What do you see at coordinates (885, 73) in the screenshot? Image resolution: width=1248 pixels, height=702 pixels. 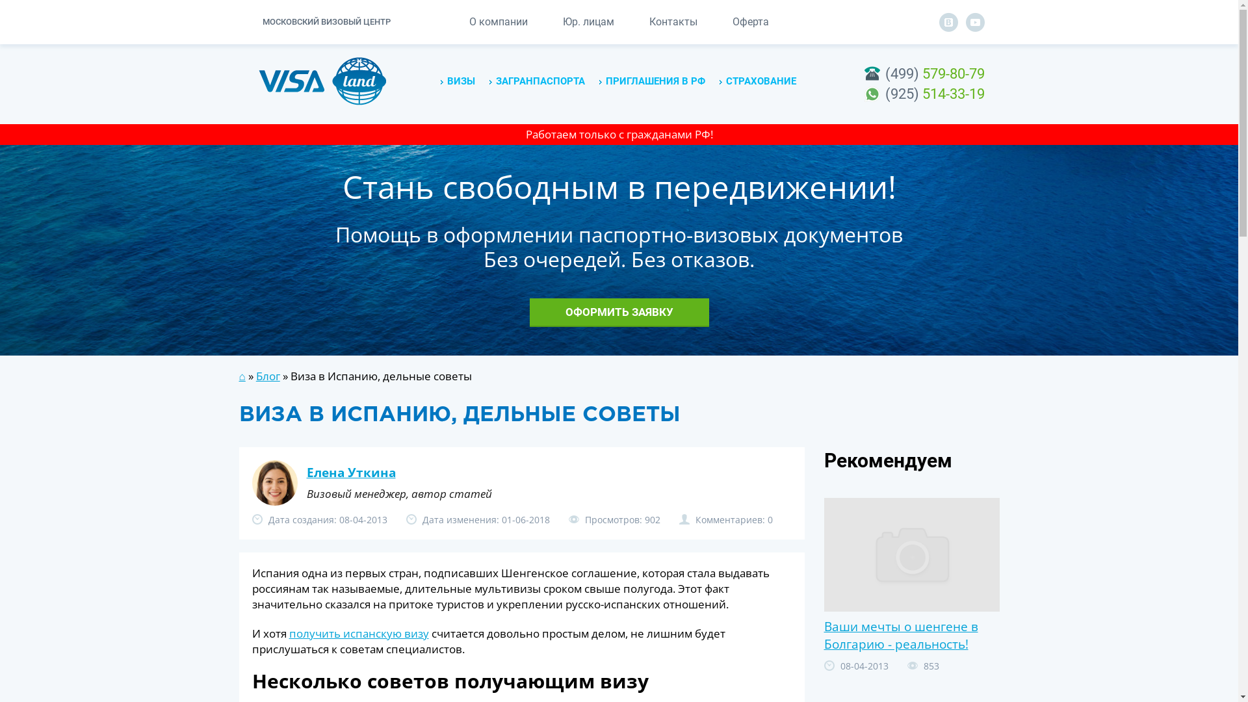 I see `'(499) 579-80-79'` at bounding box center [885, 73].